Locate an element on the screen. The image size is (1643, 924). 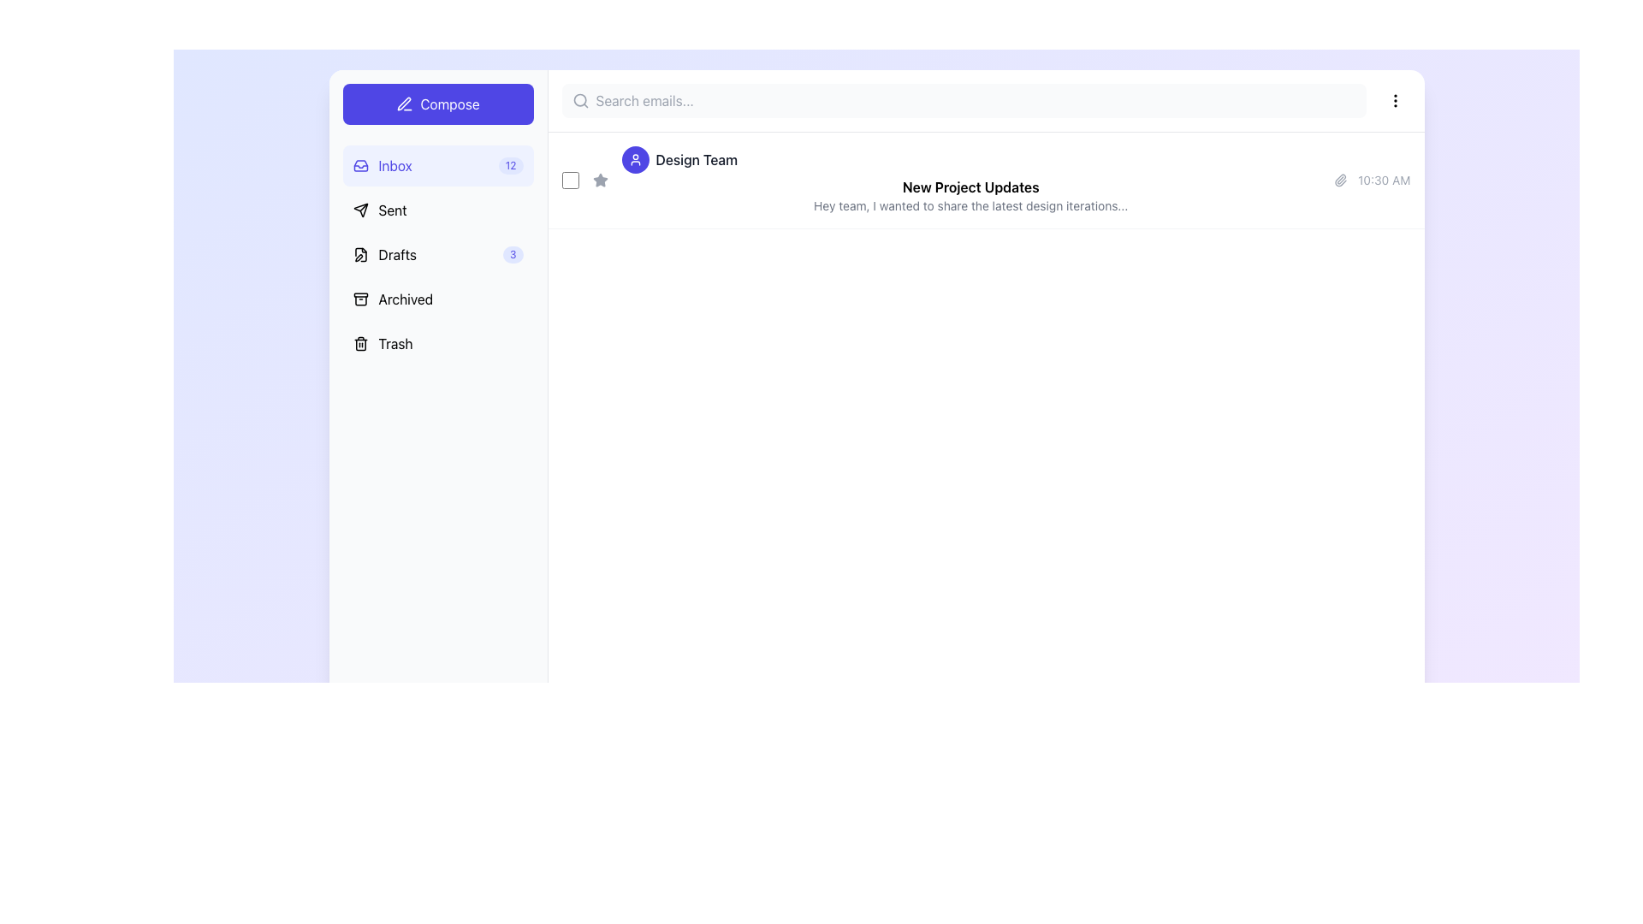
the 'send' action icon located in the 'Sent' menu of the left navigation menu is located at coordinates (359, 210).